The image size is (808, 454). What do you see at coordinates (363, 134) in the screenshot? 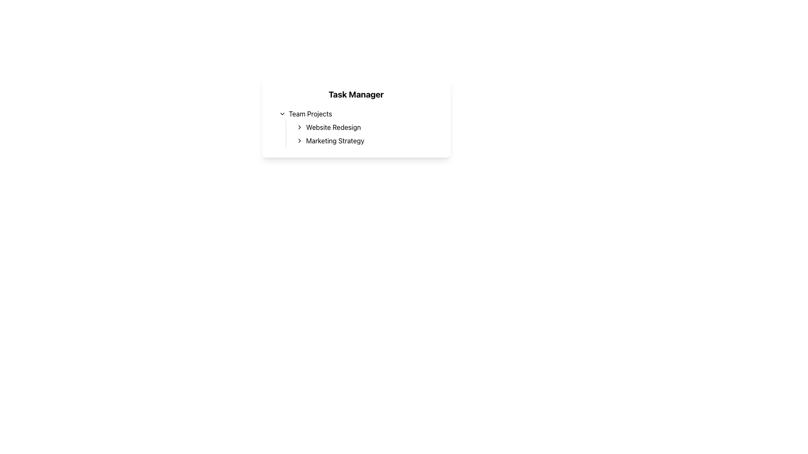
I see `the chevron icons in the menu item list located under the 'Team Projects' section of the 'Task Manager' interface to expand further details` at bounding box center [363, 134].